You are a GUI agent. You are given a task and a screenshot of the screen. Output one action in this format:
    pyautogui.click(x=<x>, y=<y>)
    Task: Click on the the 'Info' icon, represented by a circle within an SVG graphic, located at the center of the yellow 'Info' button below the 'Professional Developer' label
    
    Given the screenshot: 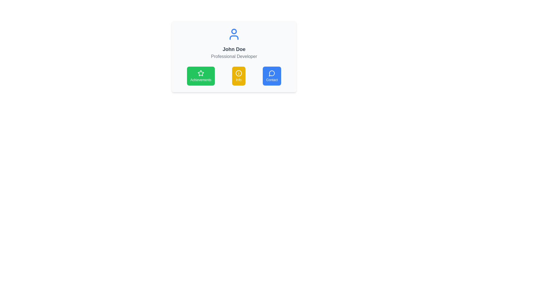 What is the action you would take?
    pyautogui.click(x=239, y=73)
    